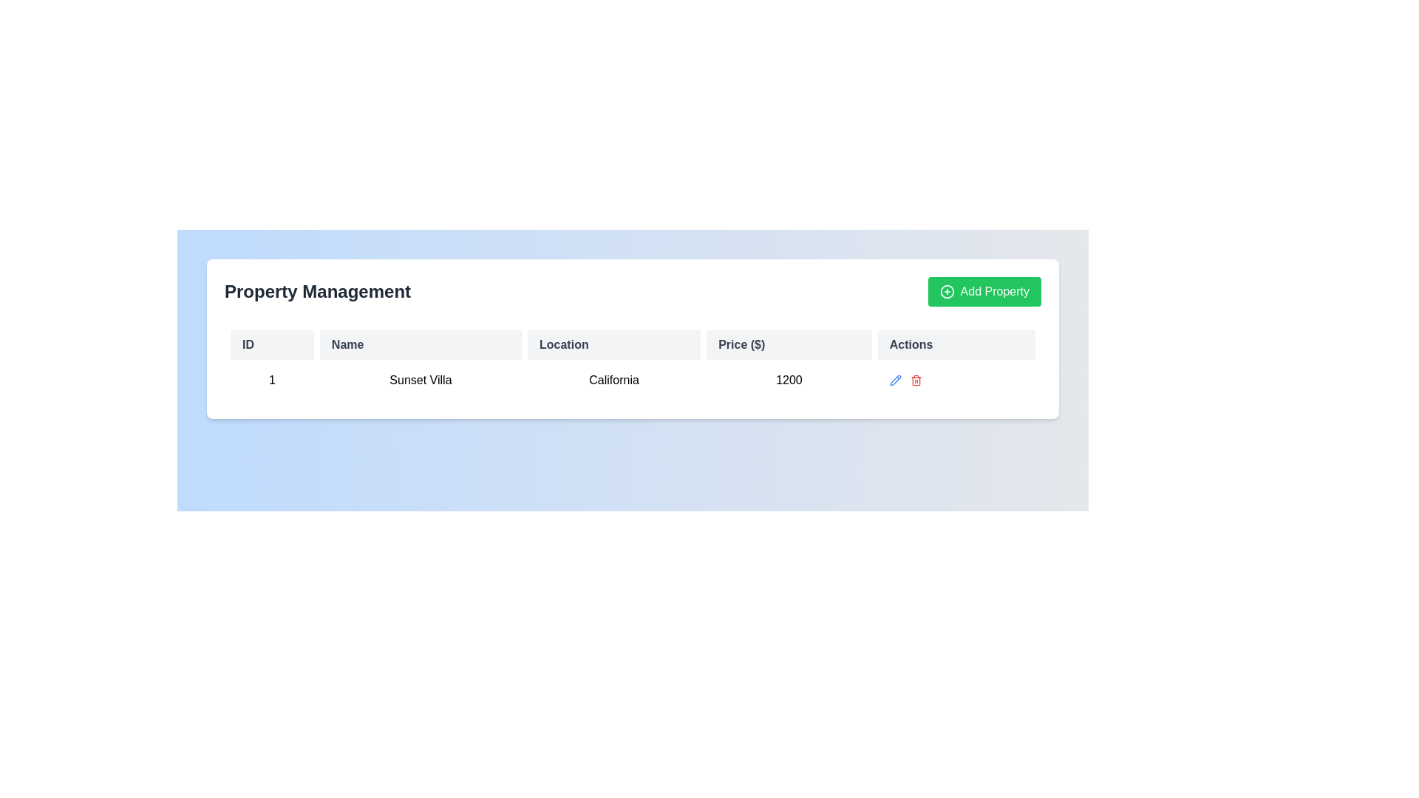 The height and width of the screenshot is (798, 1419). Describe the element at coordinates (894, 380) in the screenshot. I see `the Interactive Icon (Edit Button) in the 'Actions' column of the first row of the table` at that location.